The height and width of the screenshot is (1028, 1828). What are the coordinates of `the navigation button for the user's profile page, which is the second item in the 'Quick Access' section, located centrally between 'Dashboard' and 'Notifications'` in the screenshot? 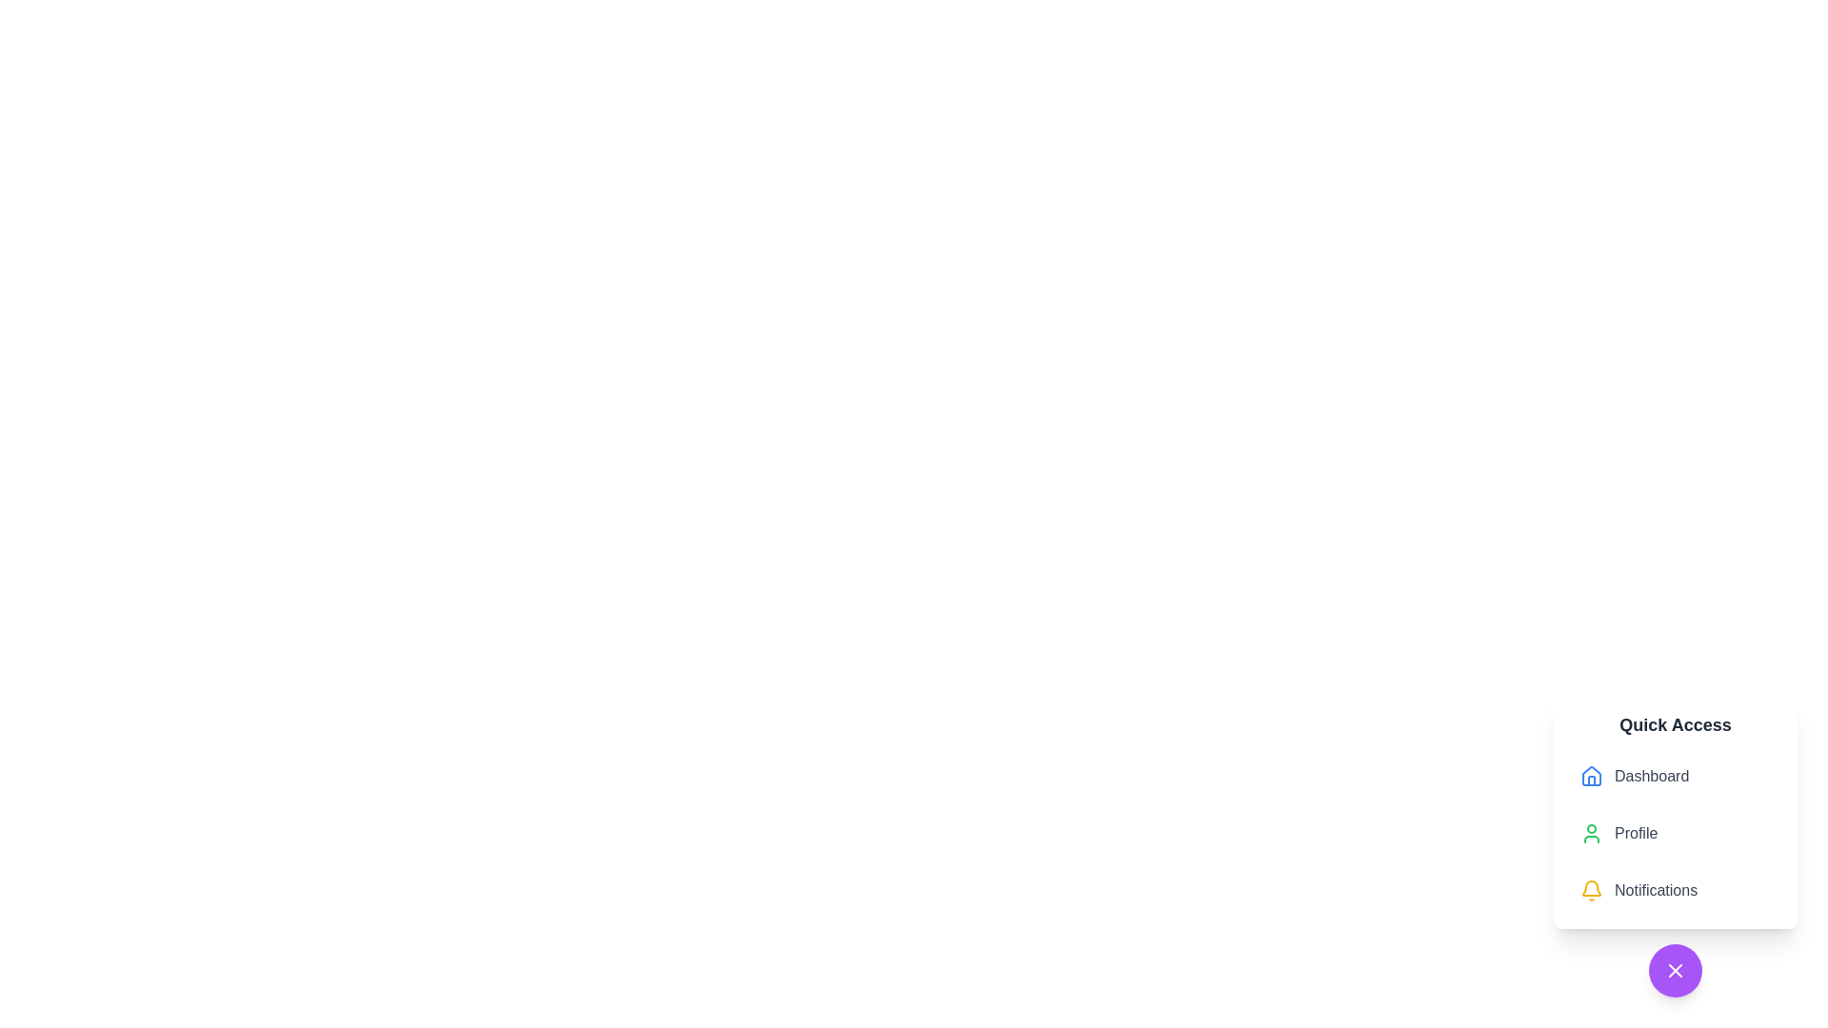 It's located at (1676, 832).